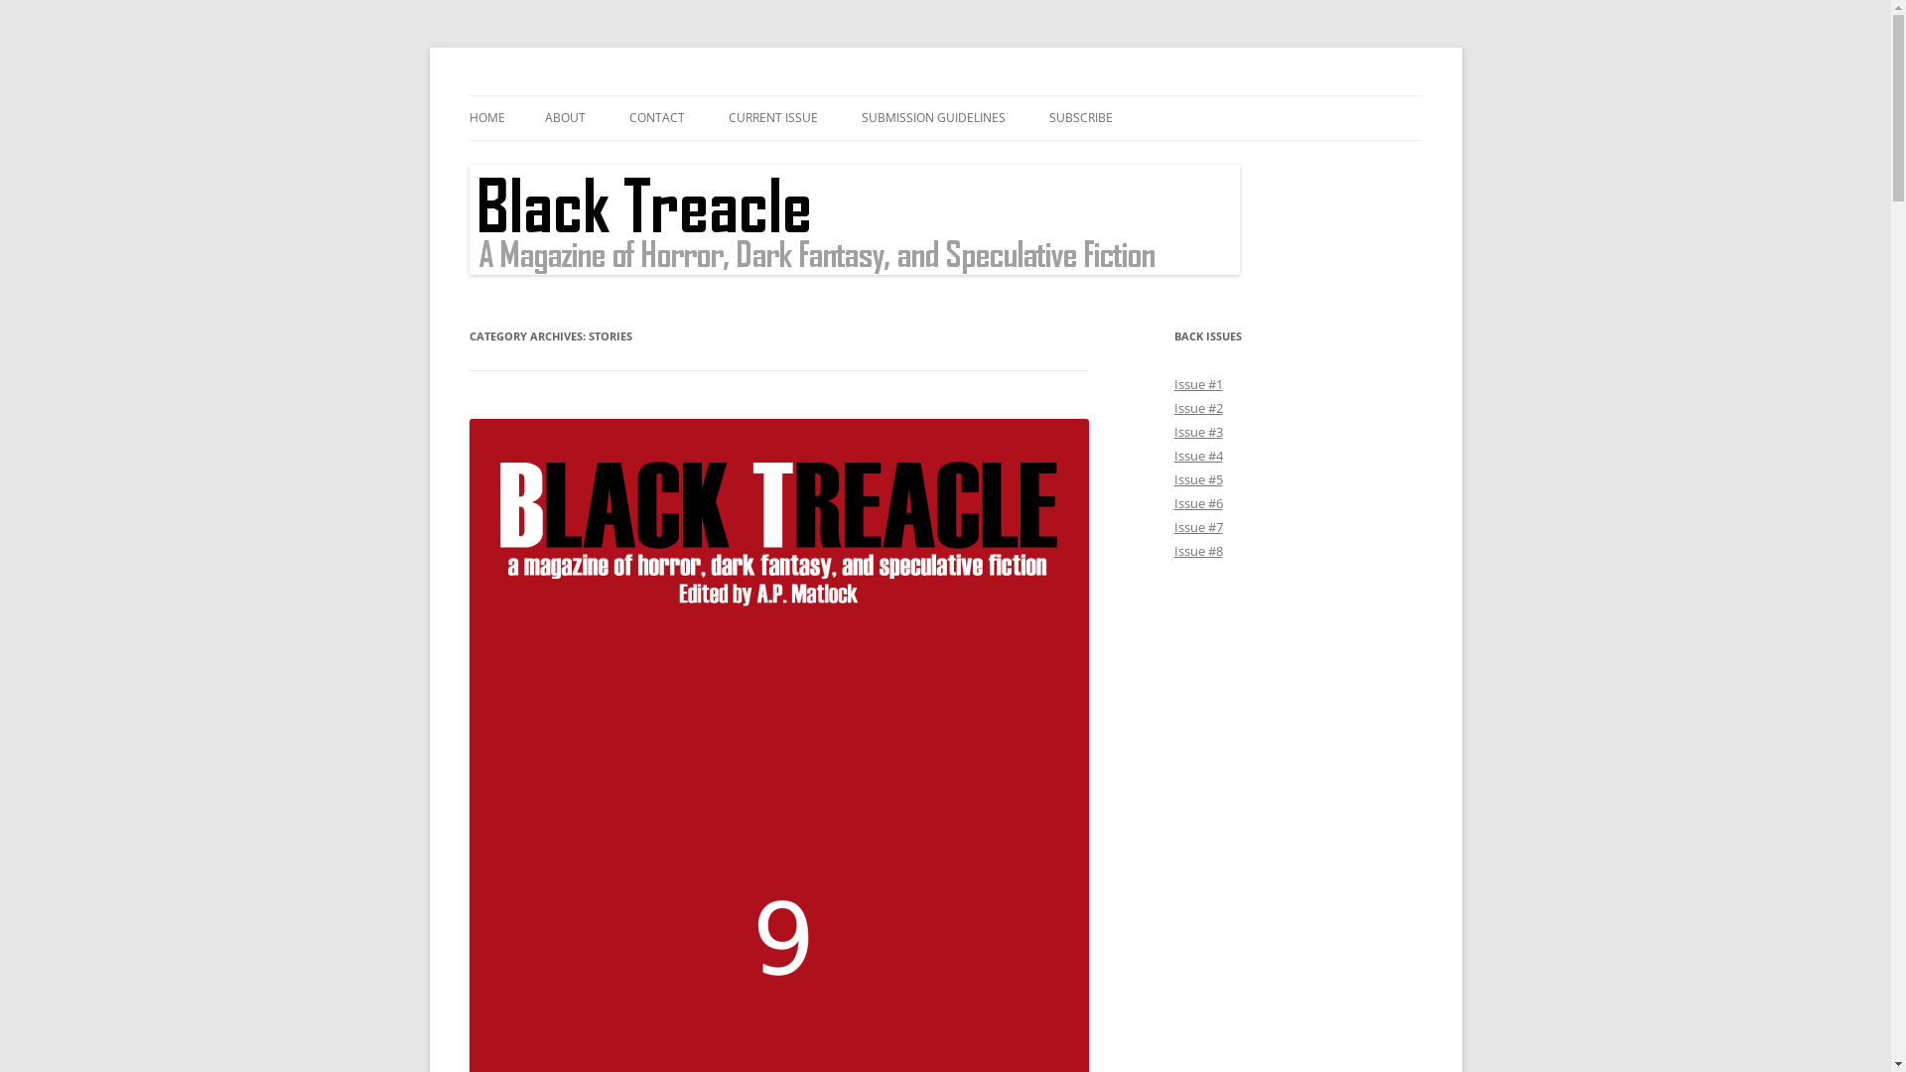 Image resolution: width=1906 pixels, height=1072 pixels. Describe the element at coordinates (1196, 407) in the screenshot. I see `'Issue #2'` at that location.